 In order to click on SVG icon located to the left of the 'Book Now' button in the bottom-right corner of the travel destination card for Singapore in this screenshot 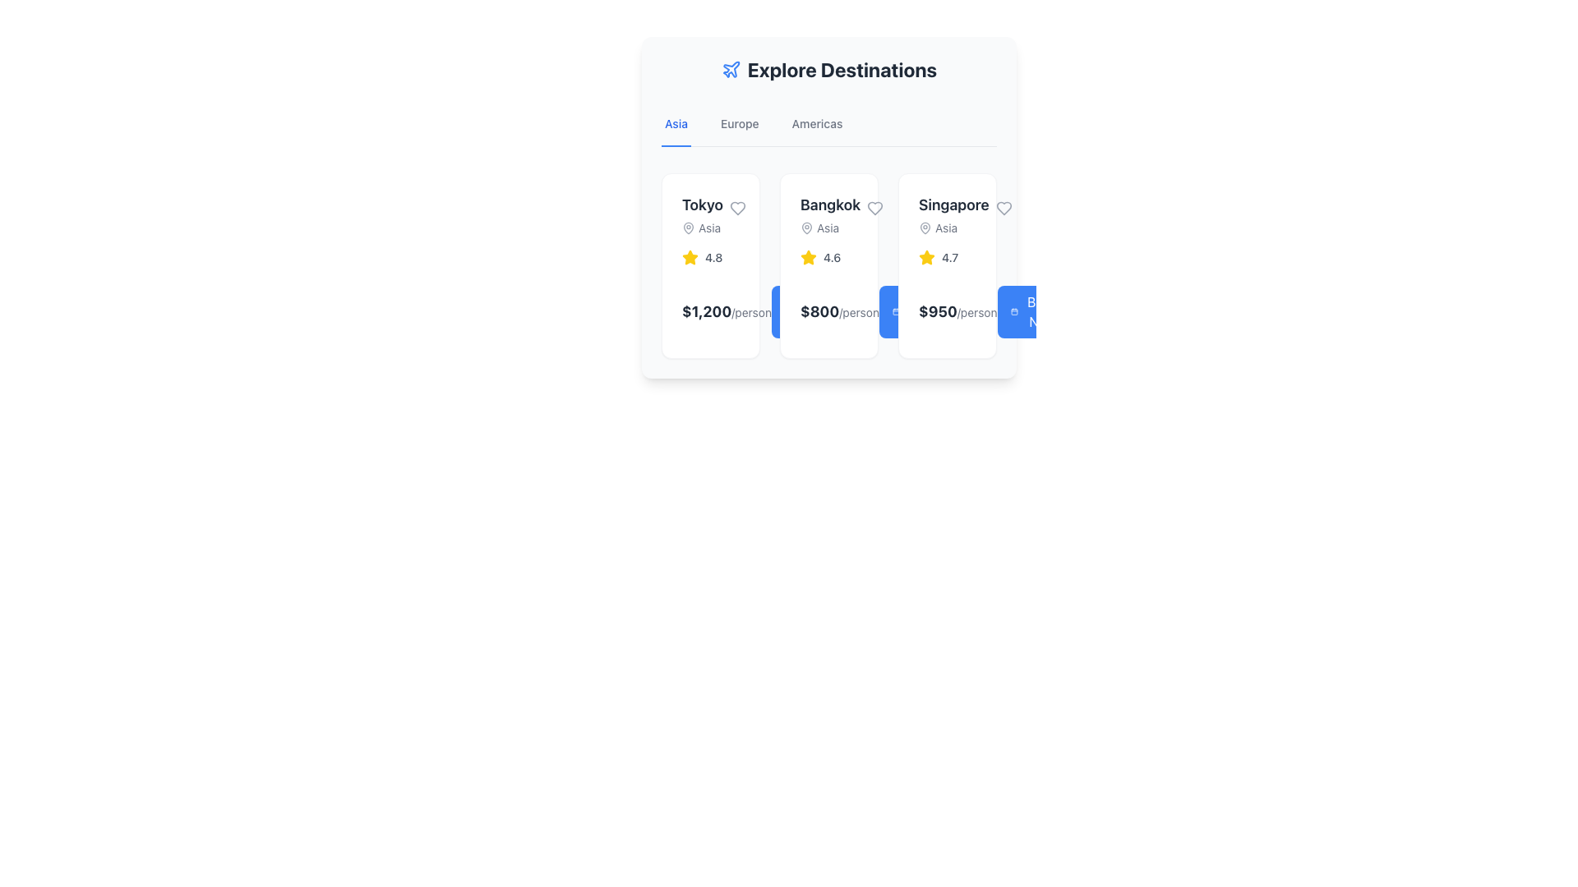, I will do `click(895, 312)`.